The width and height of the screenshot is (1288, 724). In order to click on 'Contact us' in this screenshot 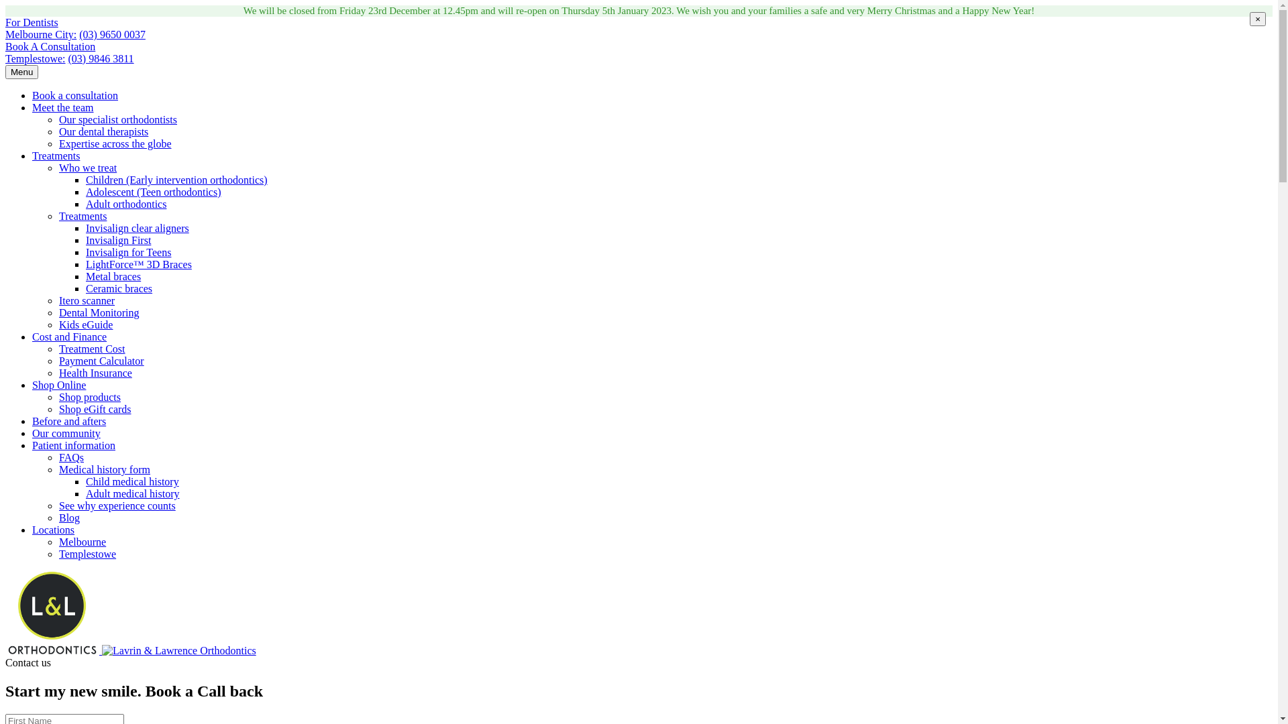, I will do `click(28, 662)`.